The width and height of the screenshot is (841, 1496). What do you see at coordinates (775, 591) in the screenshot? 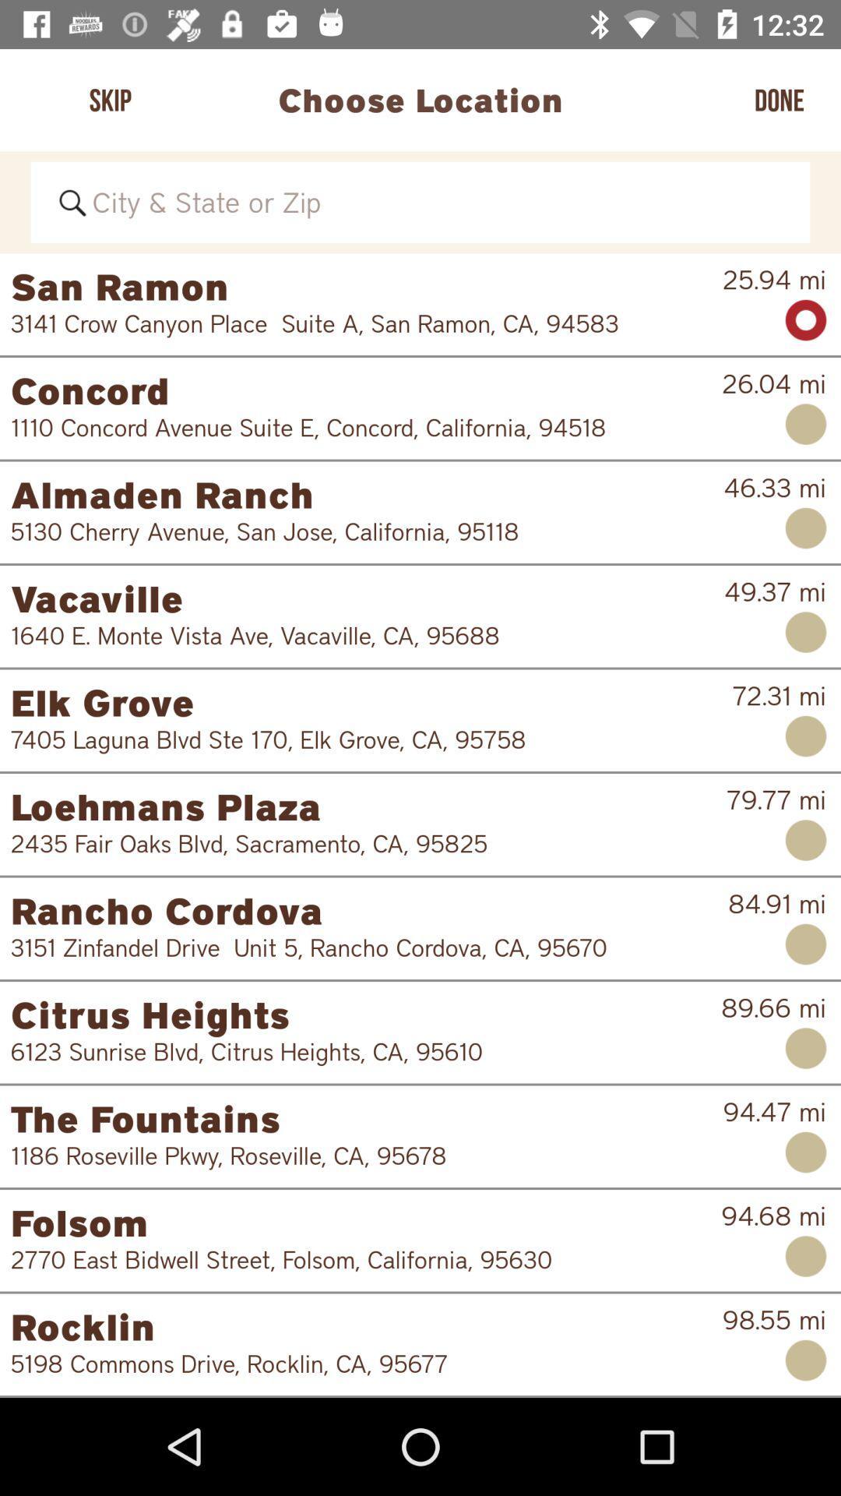
I see `49.37 mi item` at bounding box center [775, 591].